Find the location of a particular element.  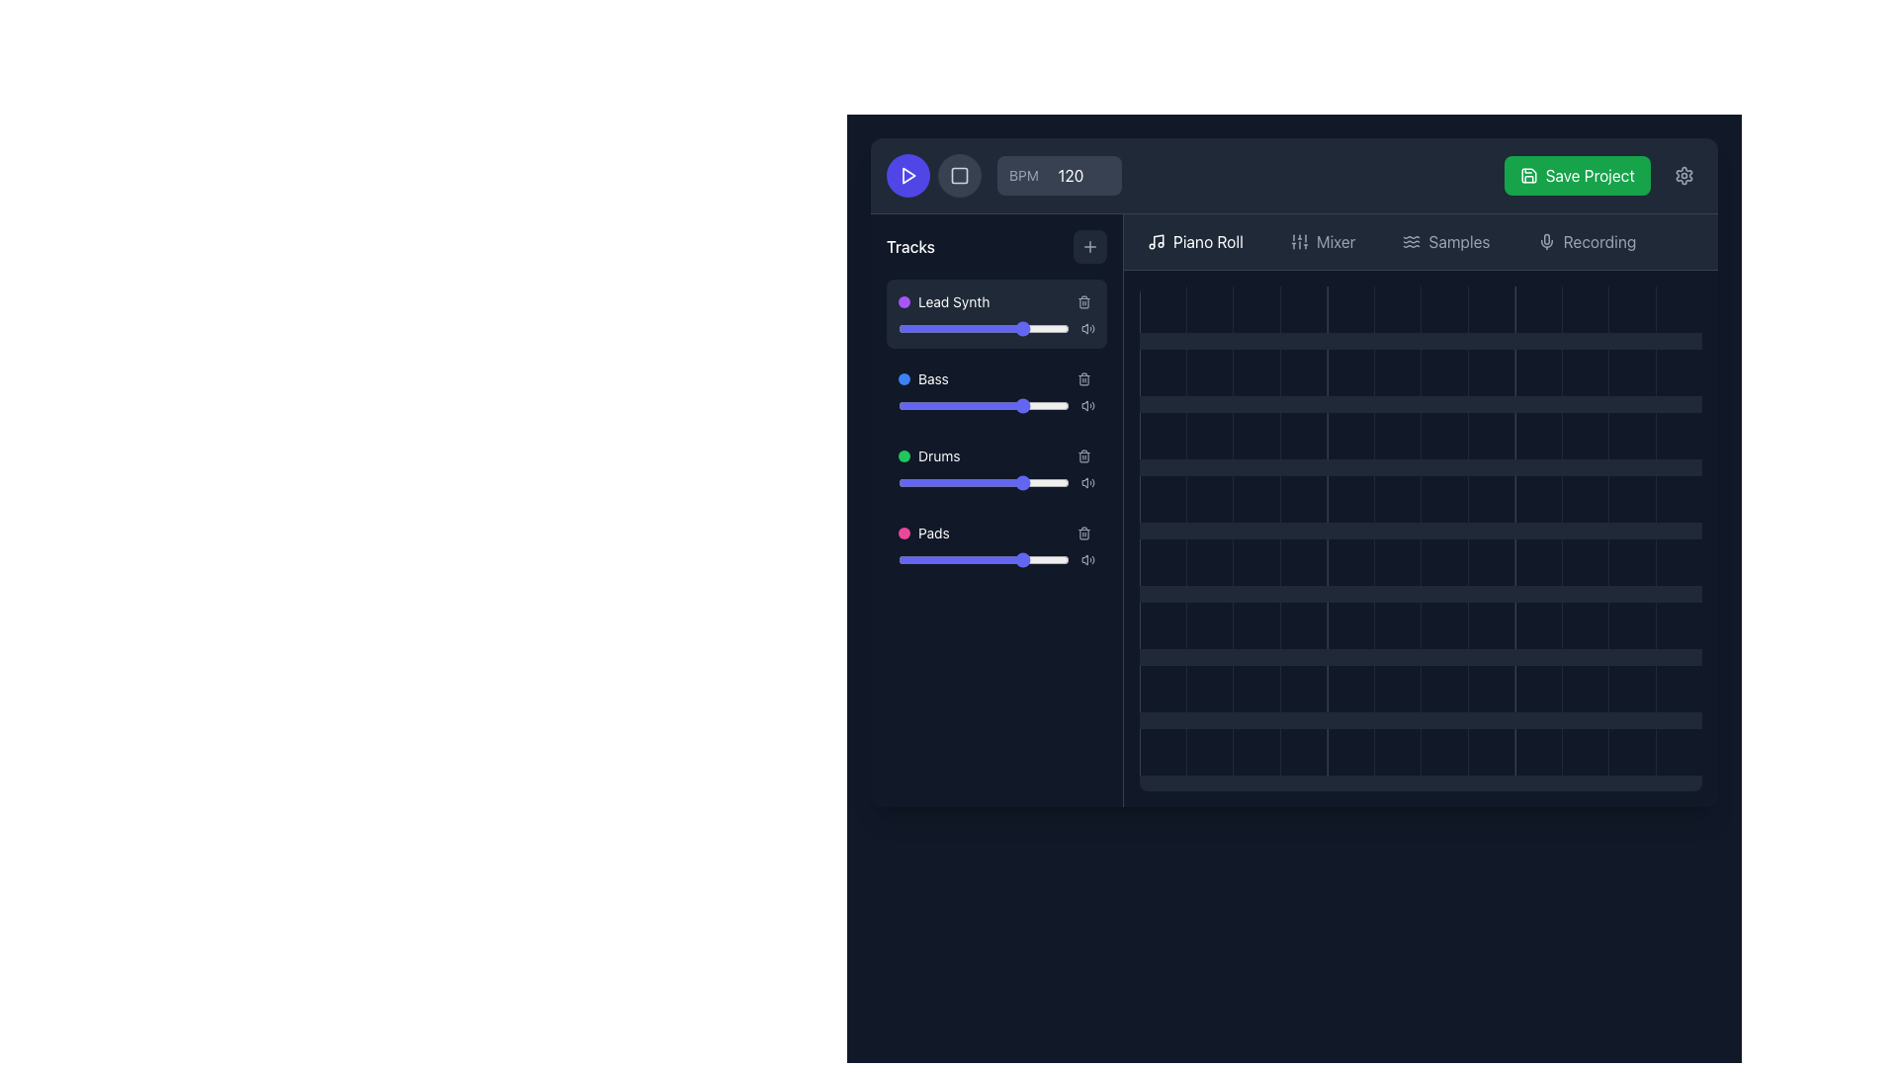

the slider value is located at coordinates (993, 405).